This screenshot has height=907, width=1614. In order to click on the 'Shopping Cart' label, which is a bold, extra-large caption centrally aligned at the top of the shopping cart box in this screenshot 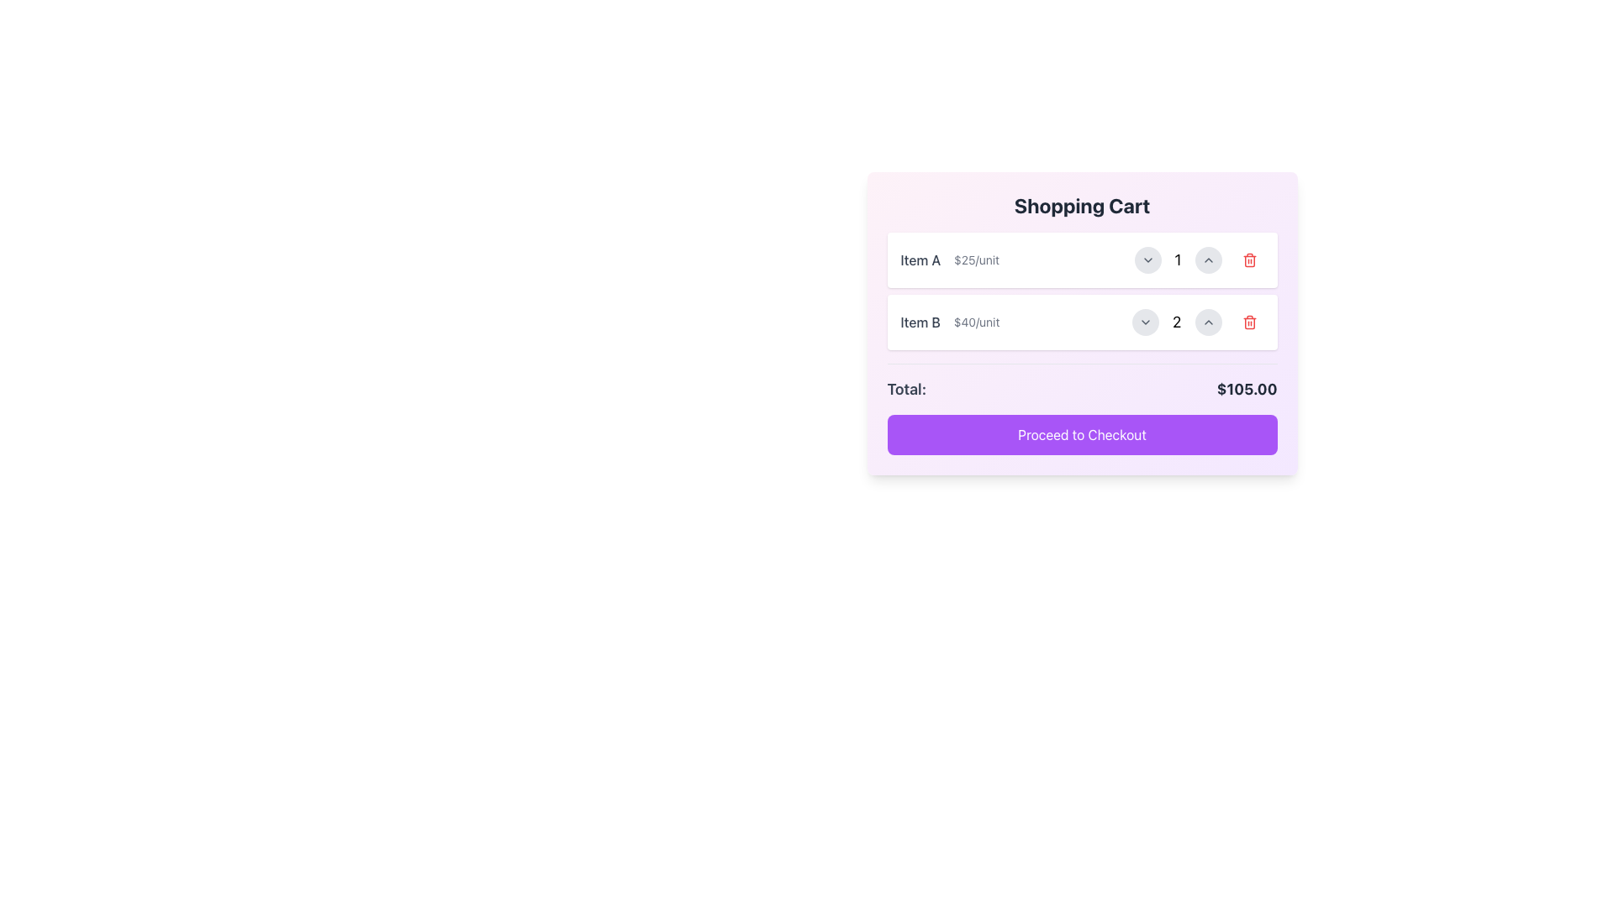, I will do `click(1082, 205)`.